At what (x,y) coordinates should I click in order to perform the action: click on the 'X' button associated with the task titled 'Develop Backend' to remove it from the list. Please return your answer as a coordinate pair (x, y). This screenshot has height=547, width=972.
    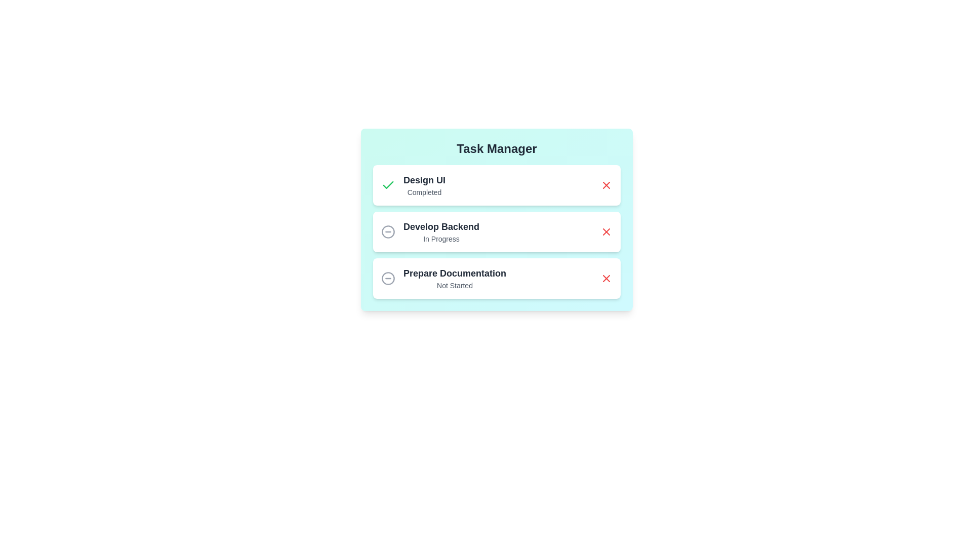
    Looking at the image, I should click on (606, 232).